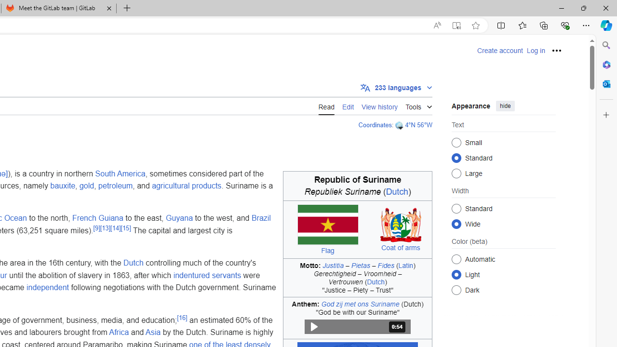 Image resolution: width=617 pixels, height=347 pixels. What do you see at coordinates (347, 106) in the screenshot?
I see `'Edit'` at bounding box center [347, 106].